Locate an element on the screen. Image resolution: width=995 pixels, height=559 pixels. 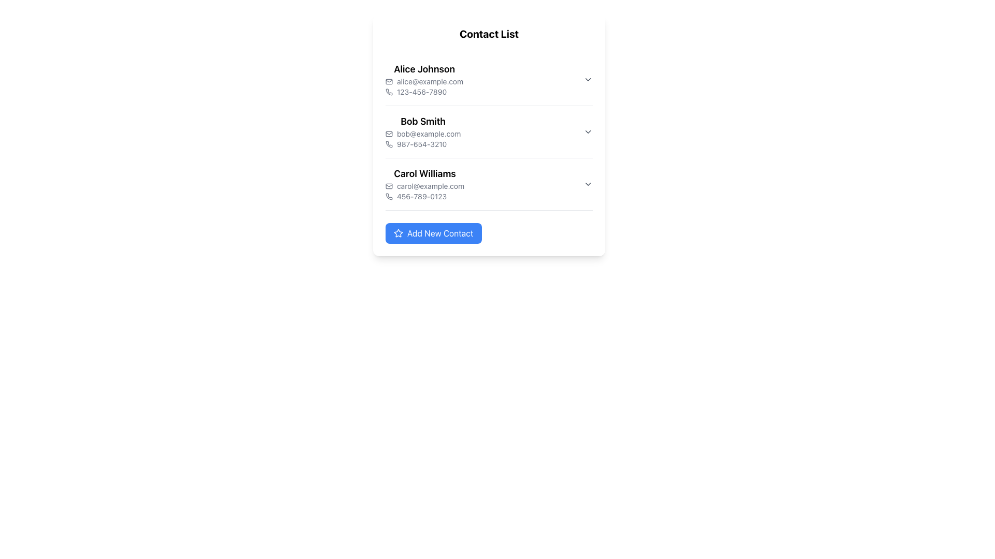
the dropdown toggle button icon located to the right of 'Alice Johnson' is located at coordinates (588, 79).